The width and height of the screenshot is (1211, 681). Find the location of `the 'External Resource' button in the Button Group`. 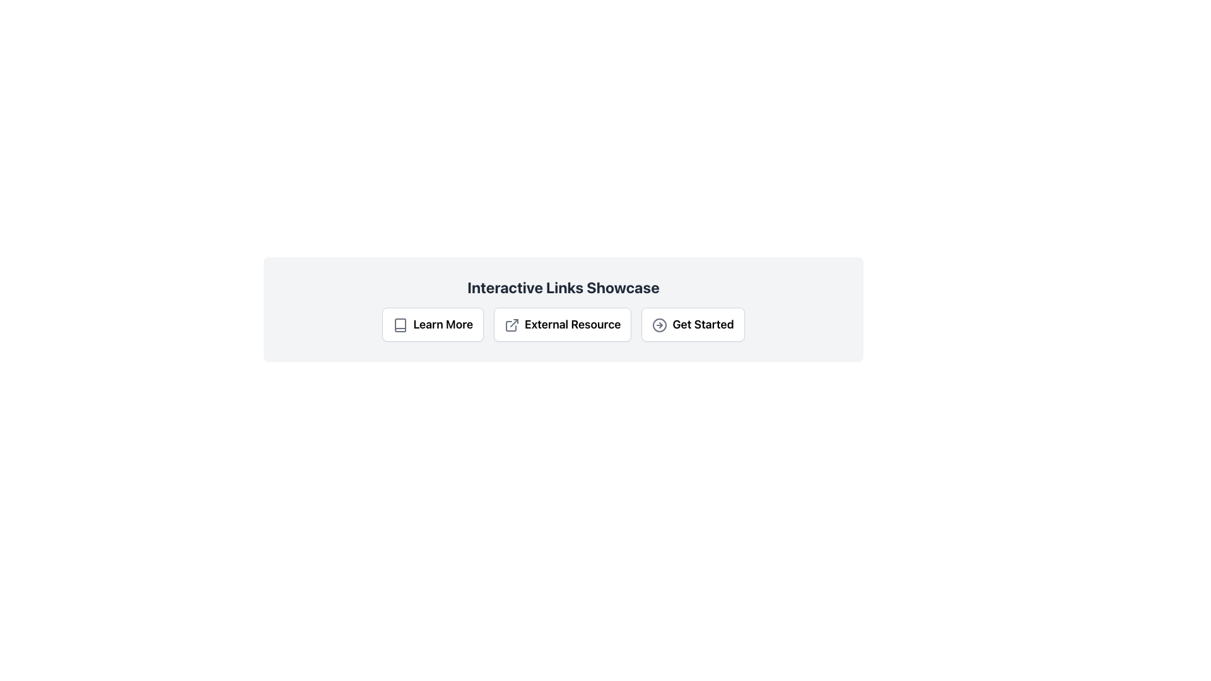

the 'External Resource' button in the Button Group is located at coordinates (563, 324).